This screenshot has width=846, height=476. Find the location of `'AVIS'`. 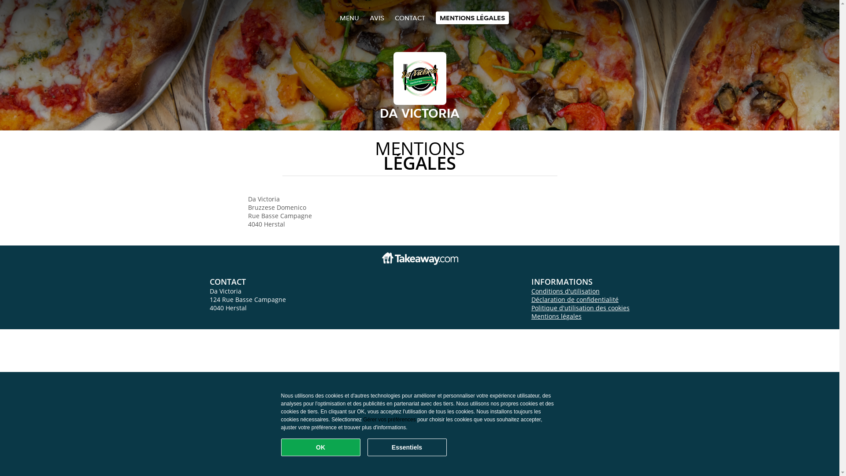

'AVIS' is located at coordinates (369, 18).